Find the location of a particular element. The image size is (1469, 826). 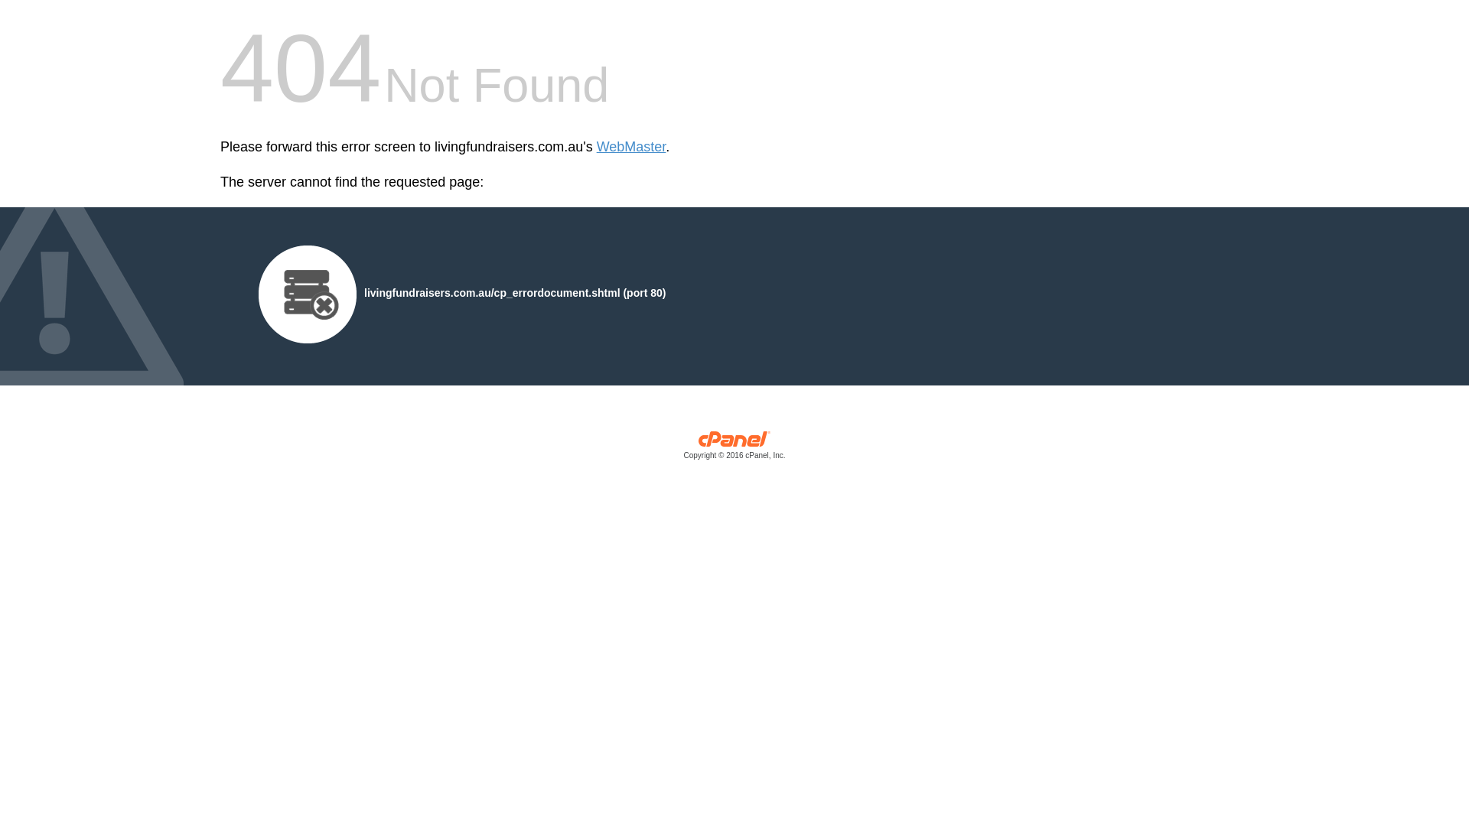

'WebMaster' is located at coordinates (595, 147).